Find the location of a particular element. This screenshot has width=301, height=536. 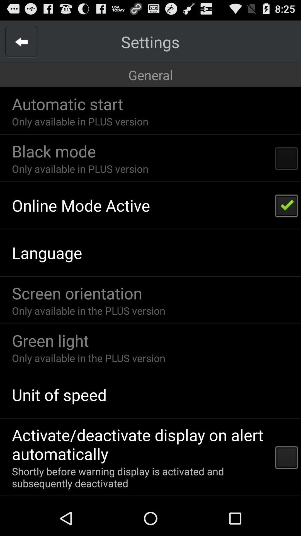

item next to the settings icon is located at coordinates (21, 41).